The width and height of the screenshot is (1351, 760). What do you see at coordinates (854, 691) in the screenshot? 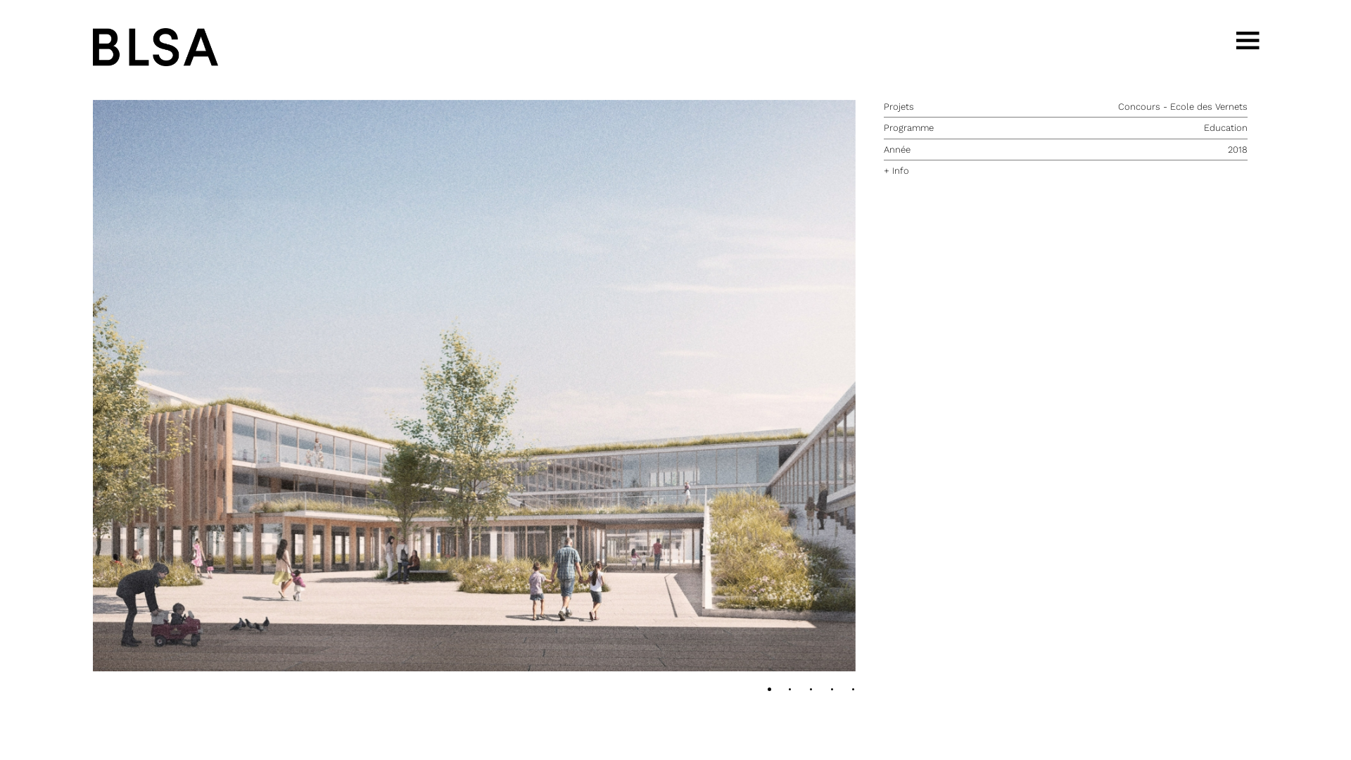
I see `'4'` at bounding box center [854, 691].